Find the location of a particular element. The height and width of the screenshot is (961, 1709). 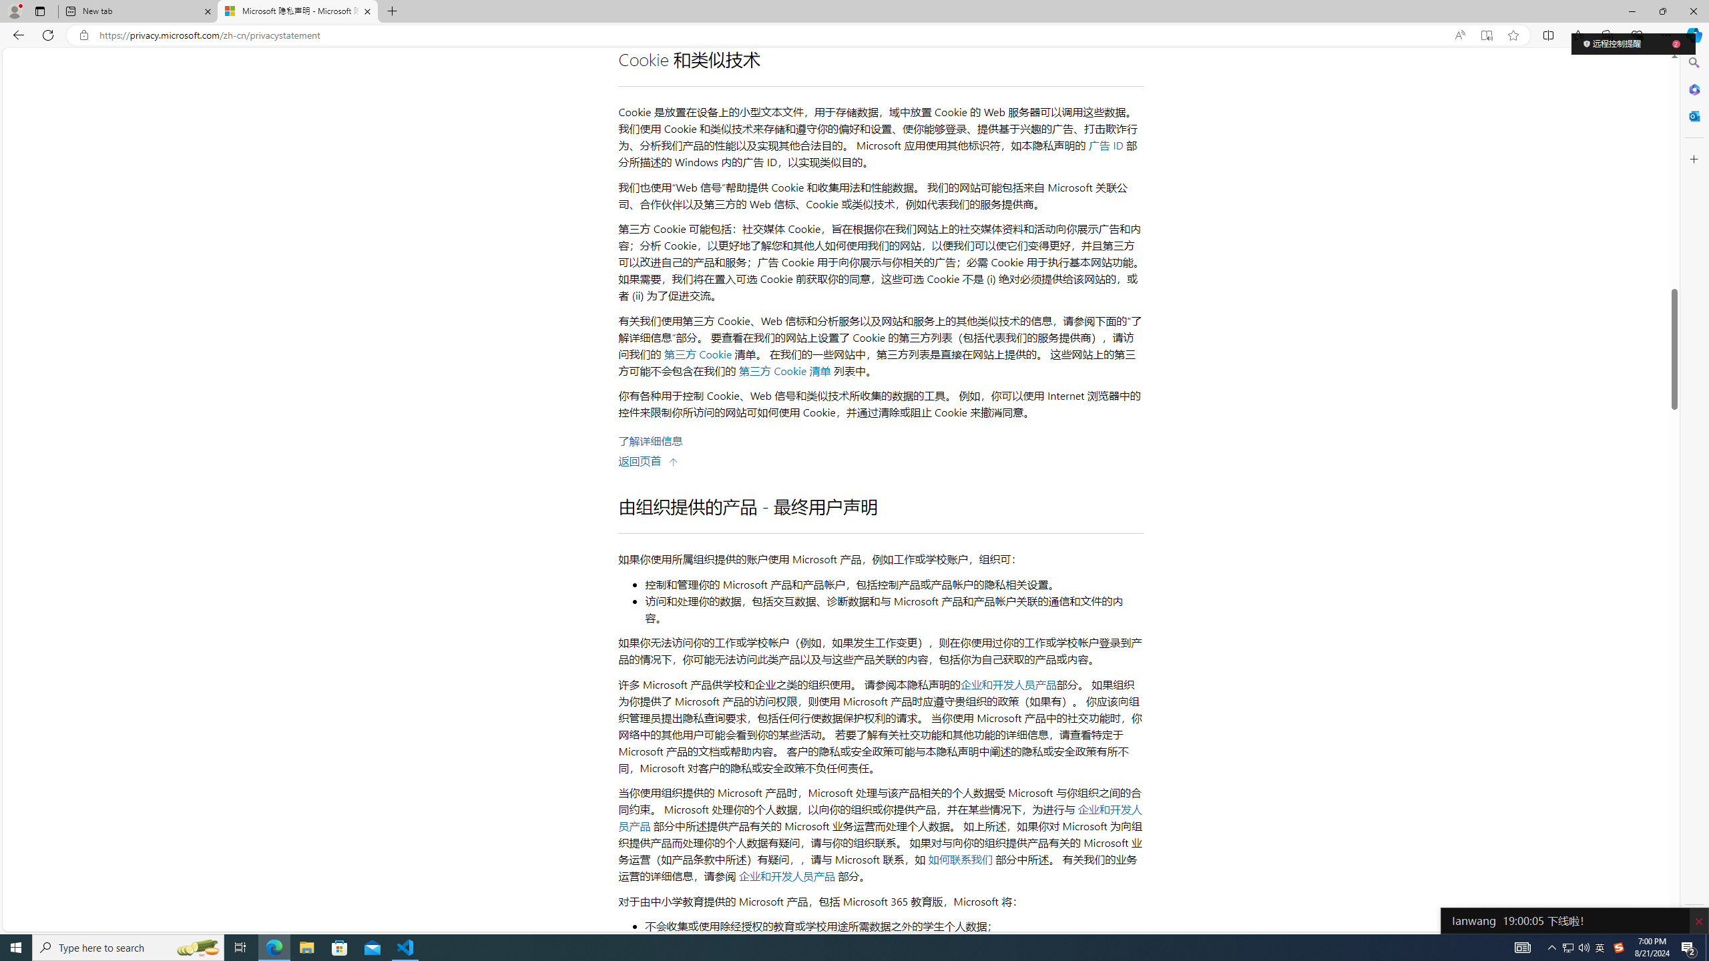

'Customize' is located at coordinates (1692, 158).